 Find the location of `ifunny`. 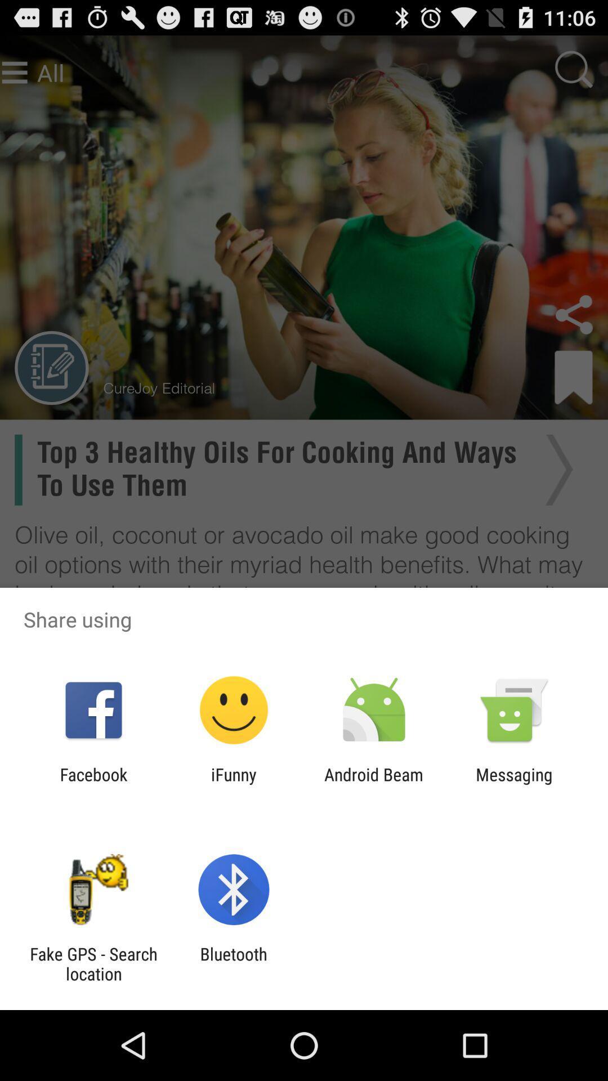

ifunny is located at coordinates (233, 784).